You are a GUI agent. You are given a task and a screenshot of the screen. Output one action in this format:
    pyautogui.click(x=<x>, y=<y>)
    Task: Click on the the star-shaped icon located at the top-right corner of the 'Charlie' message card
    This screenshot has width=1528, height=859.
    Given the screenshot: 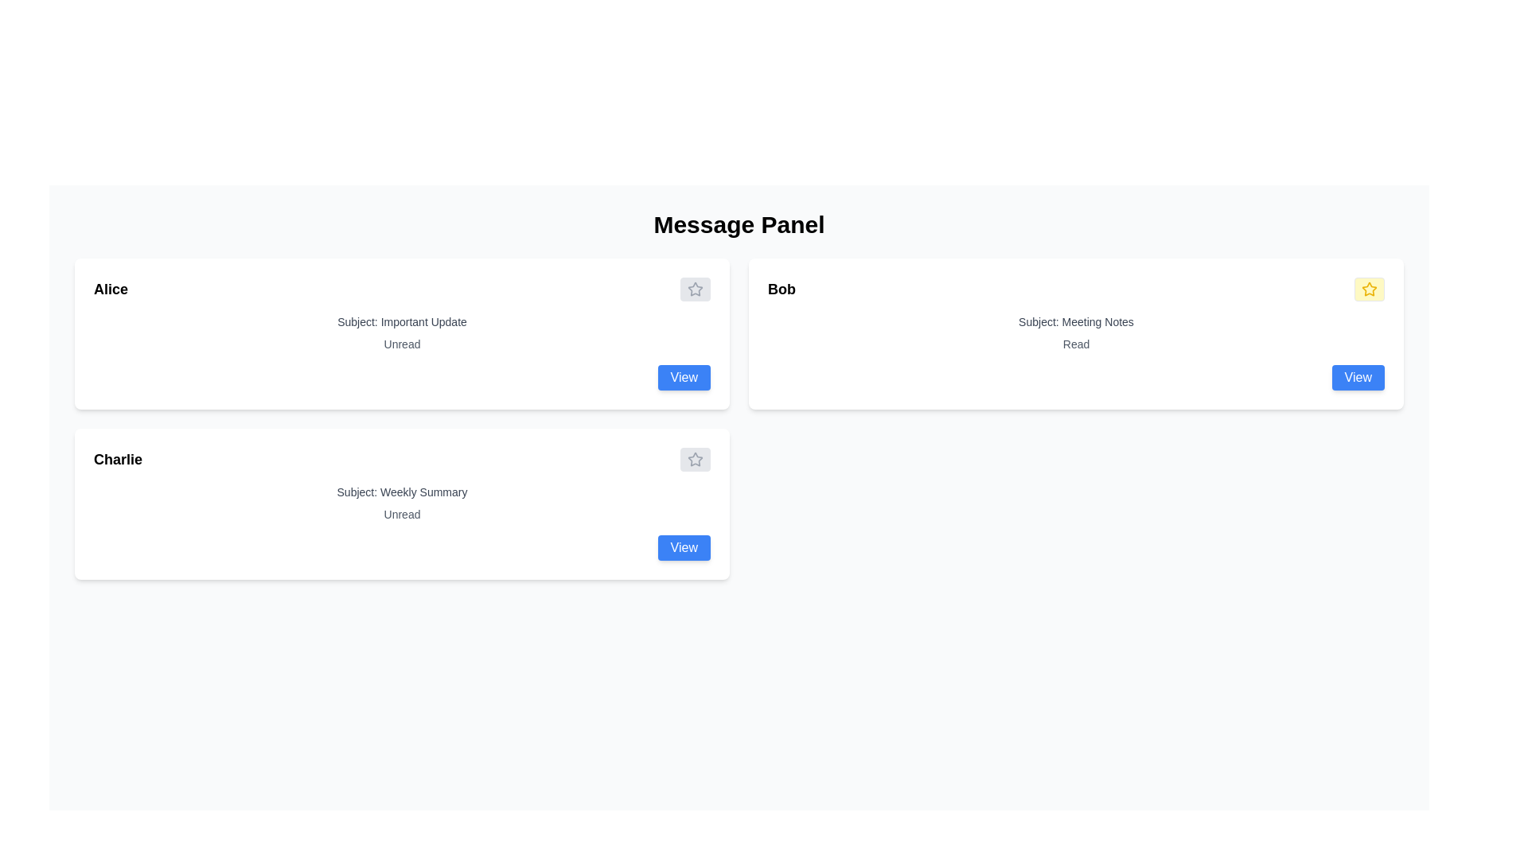 What is the action you would take?
    pyautogui.click(x=695, y=460)
    